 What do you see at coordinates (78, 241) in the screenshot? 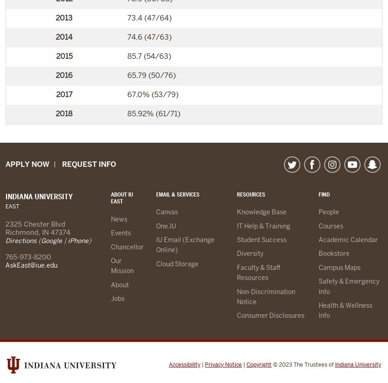
I see `'iPhone'` at bounding box center [78, 241].